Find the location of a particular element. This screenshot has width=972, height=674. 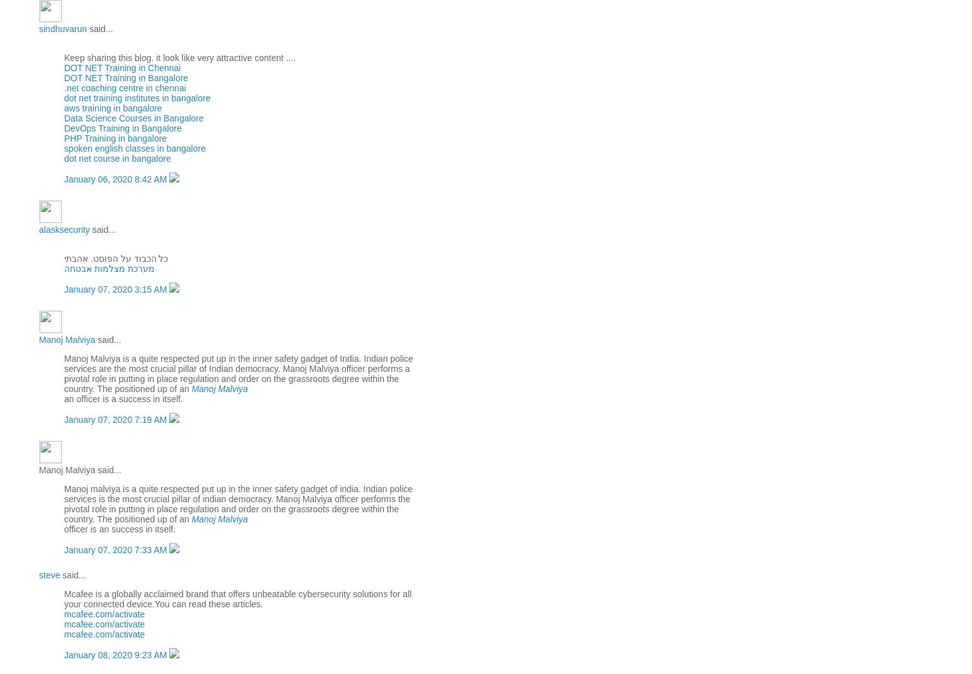

'officer is an success in itself.' is located at coordinates (63, 527).